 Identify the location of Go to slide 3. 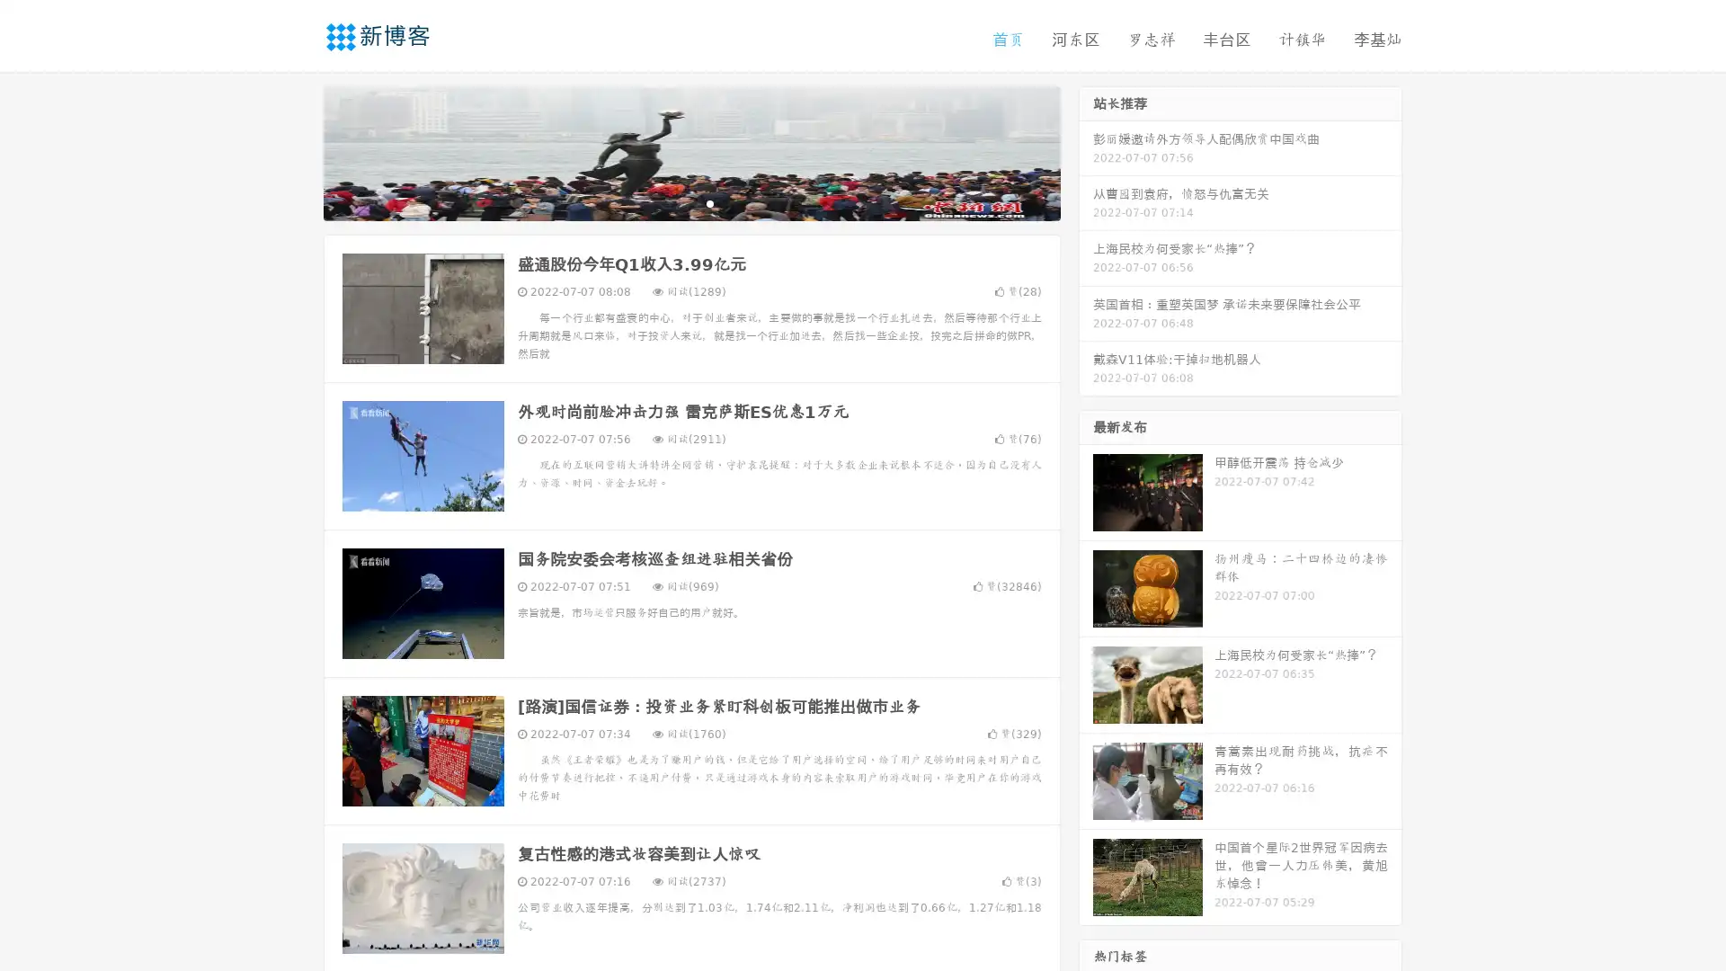
(709, 202).